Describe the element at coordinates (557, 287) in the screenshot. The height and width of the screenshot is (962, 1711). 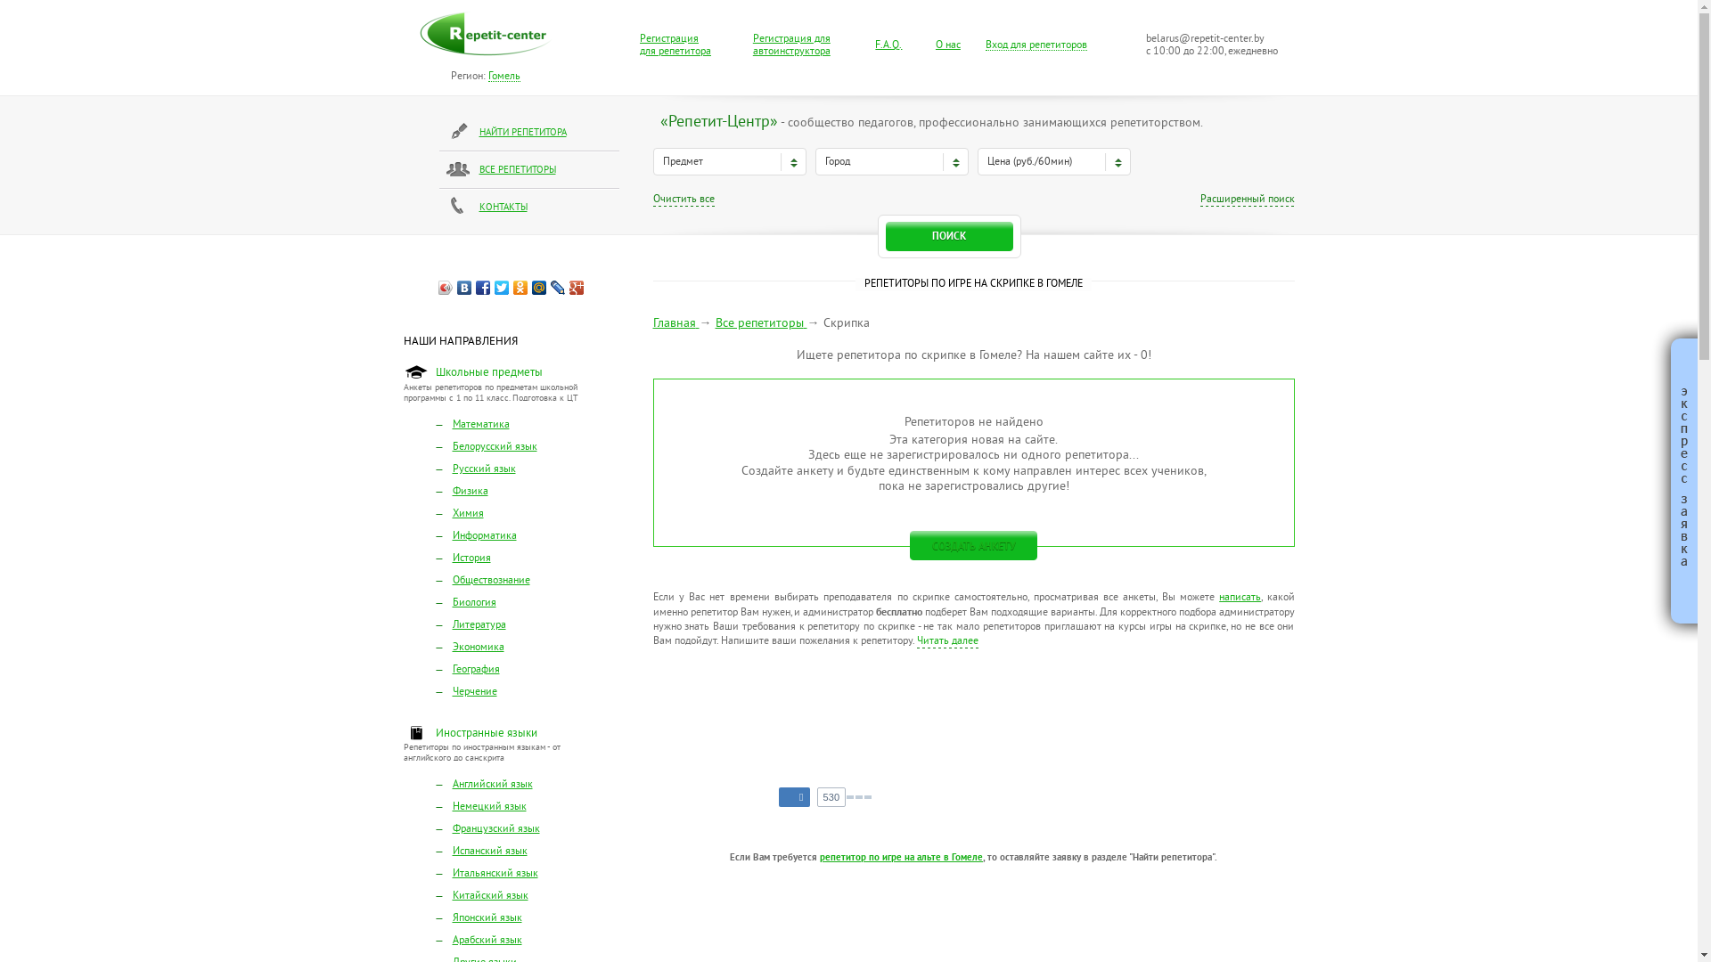
I see `'LiveJournal'` at that location.